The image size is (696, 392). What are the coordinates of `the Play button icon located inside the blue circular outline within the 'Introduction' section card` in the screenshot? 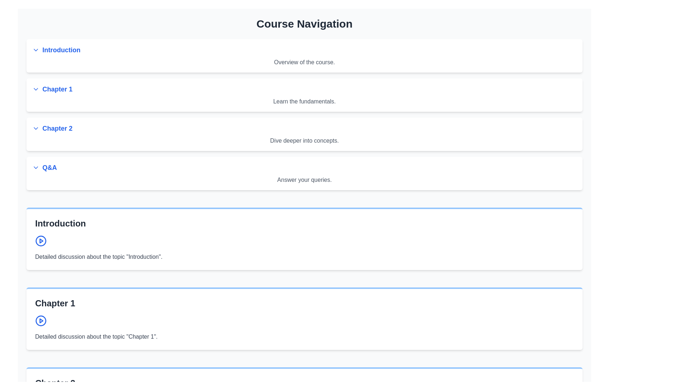 It's located at (41, 320).